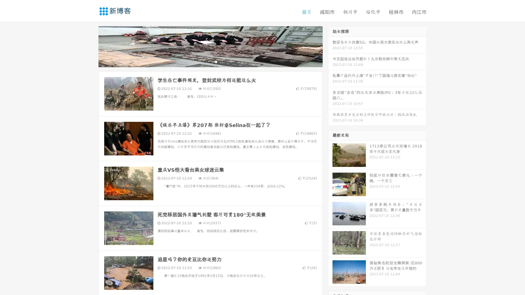  Describe the element at coordinates (90, 46) in the screenshot. I see `Previous slide` at that location.